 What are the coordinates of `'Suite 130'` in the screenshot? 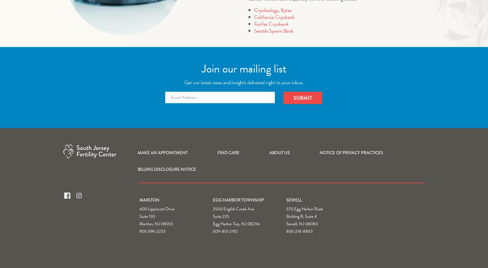 It's located at (147, 216).